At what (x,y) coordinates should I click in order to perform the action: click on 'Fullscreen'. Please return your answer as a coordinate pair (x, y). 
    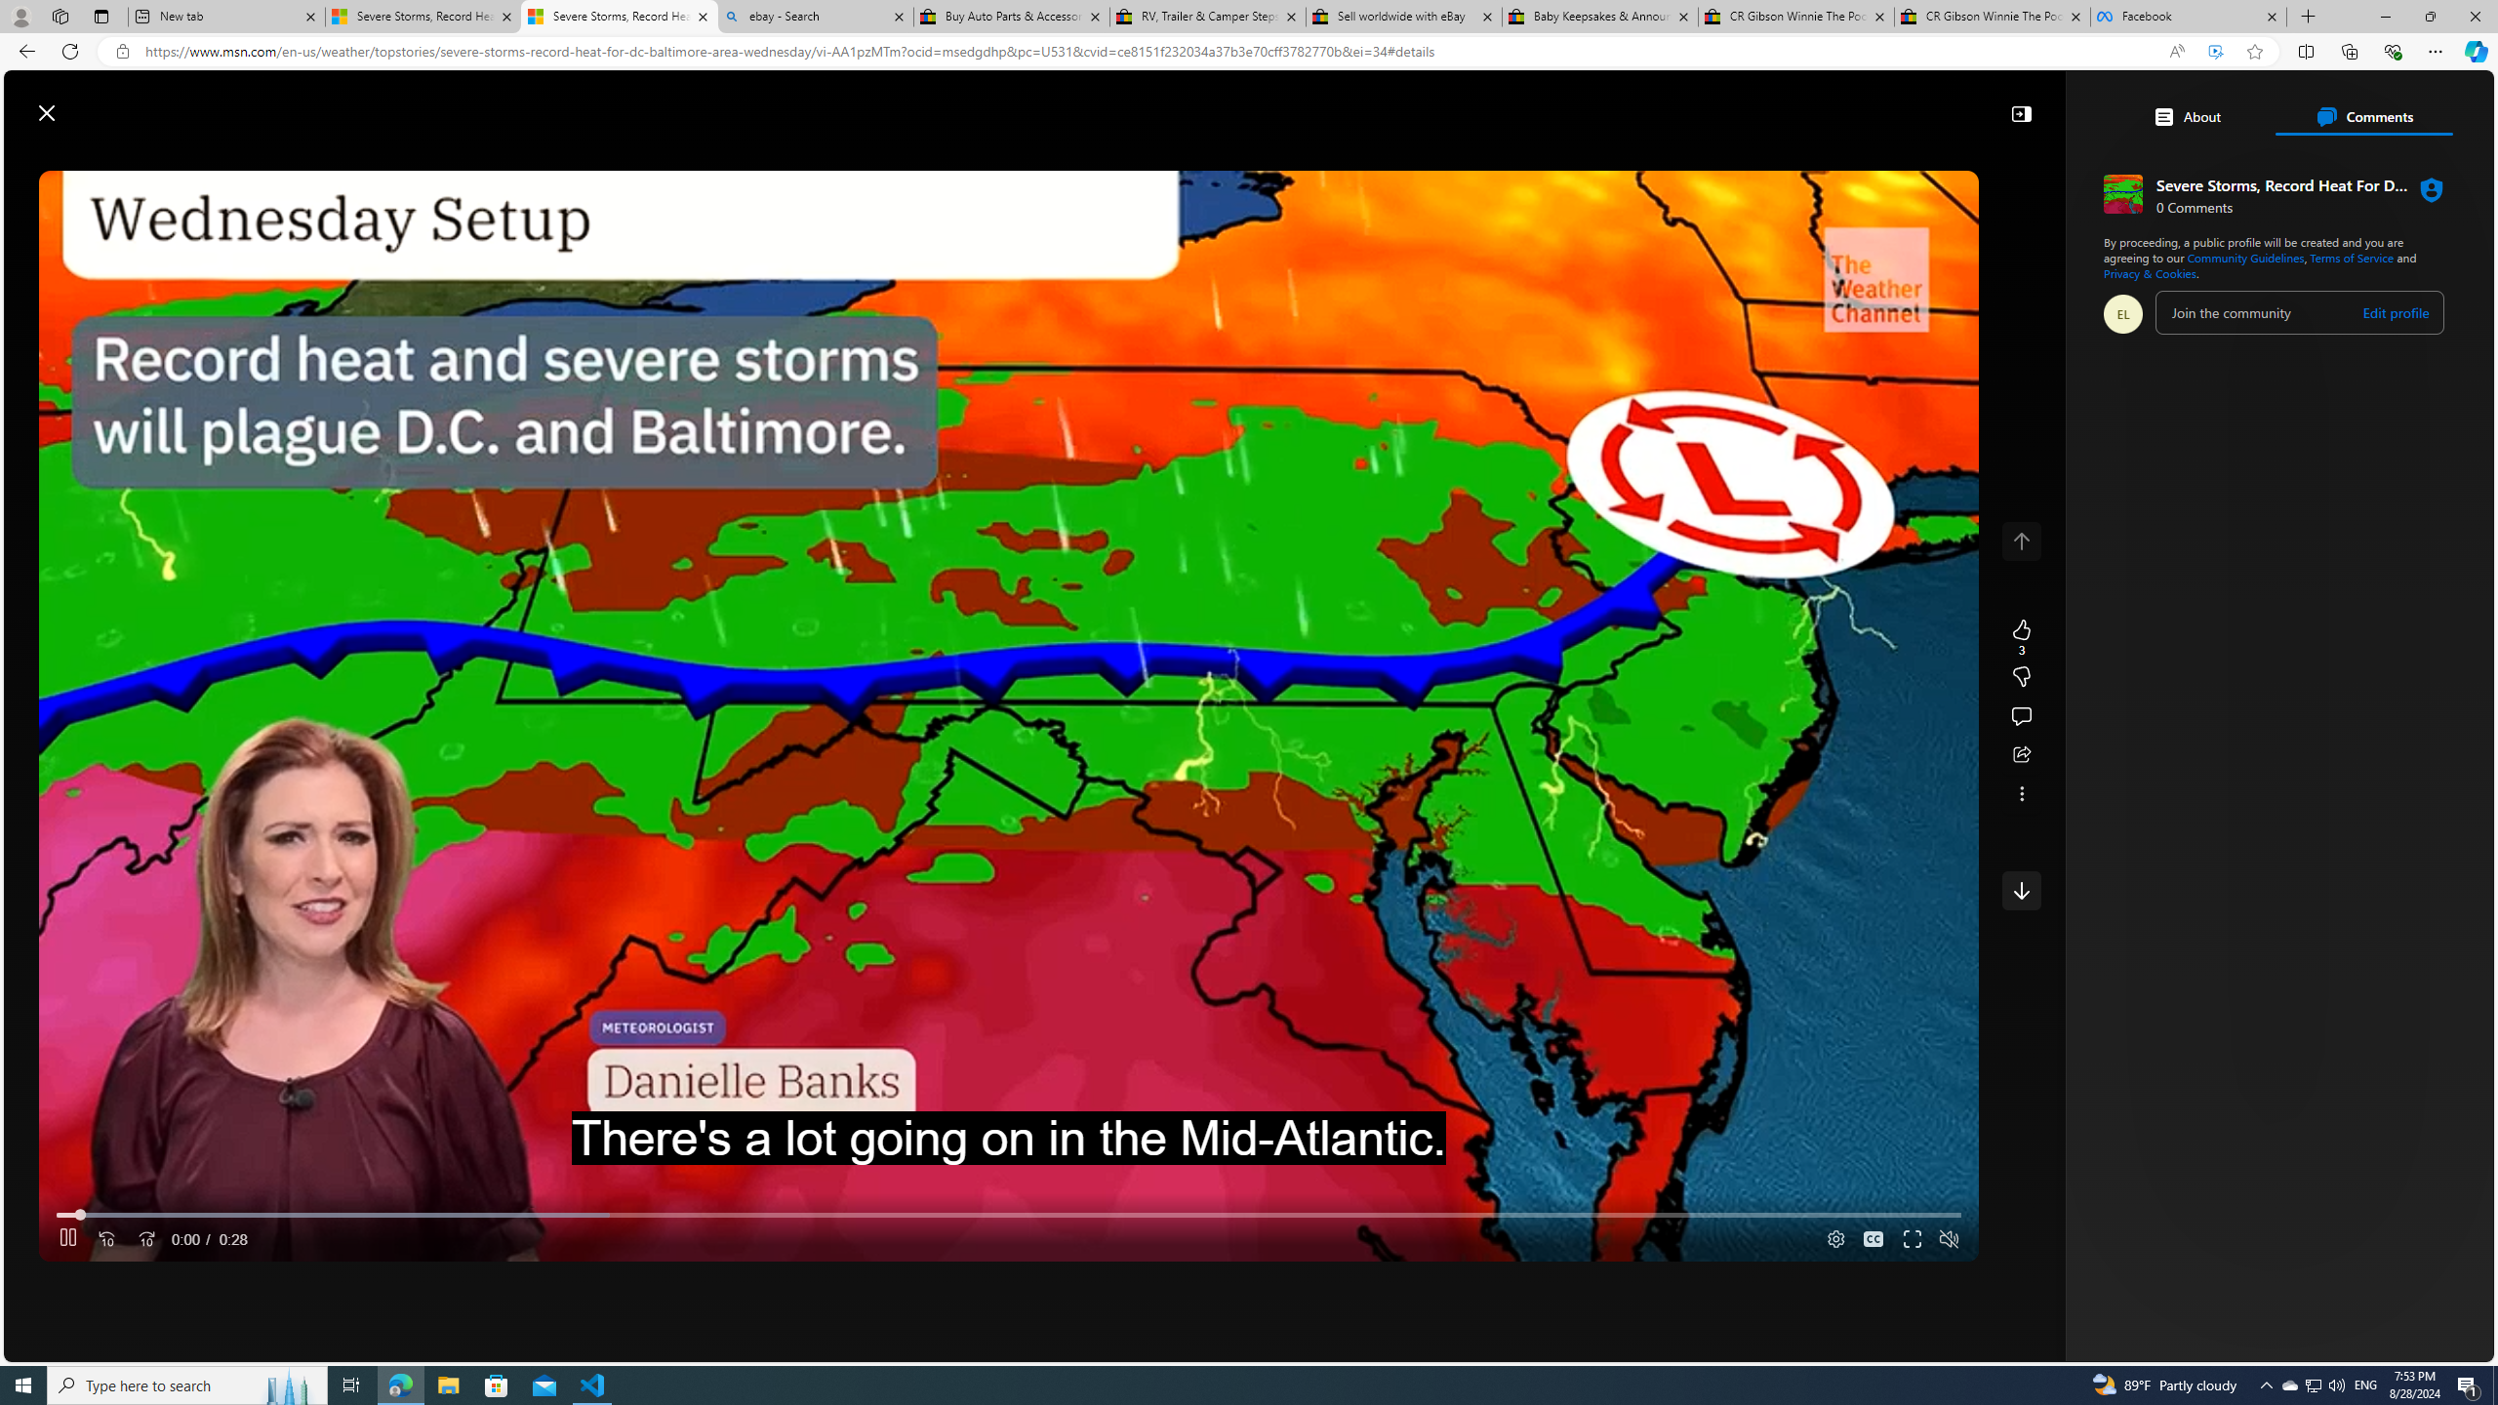
    Looking at the image, I should click on (1911, 1240).